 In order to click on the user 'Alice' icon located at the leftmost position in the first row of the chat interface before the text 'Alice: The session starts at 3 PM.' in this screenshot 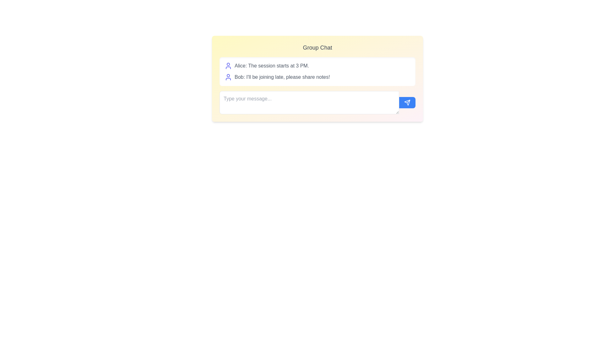, I will do `click(228, 66)`.